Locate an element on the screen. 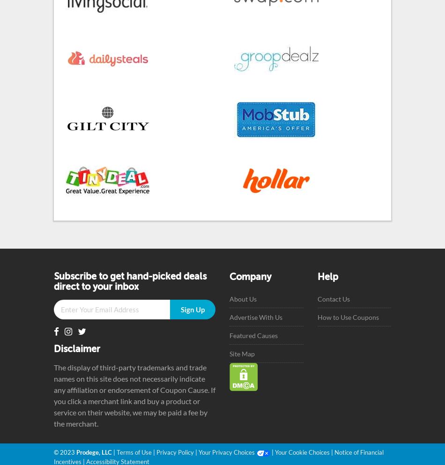 Image resolution: width=445 pixels, height=465 pixels. 'Contact Us' is located at coordinates (333, 298).